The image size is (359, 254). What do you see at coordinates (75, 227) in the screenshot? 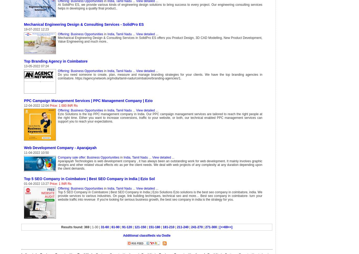
I see `'Results found: 369'` at bounding box center [75, 227].